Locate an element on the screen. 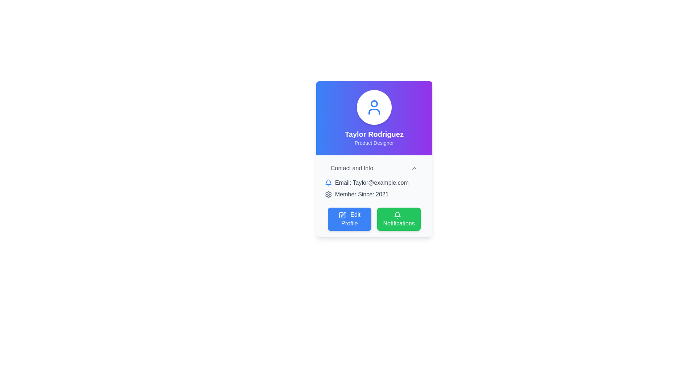 Image resolution: width=697 pixels, height=392 pixels. the static text label that reads 'Member Since: 2021' with a gray font and a gear icon preceding it, located below the 'Email: Taylor@example.com' label is located at coordinates (374, 194).